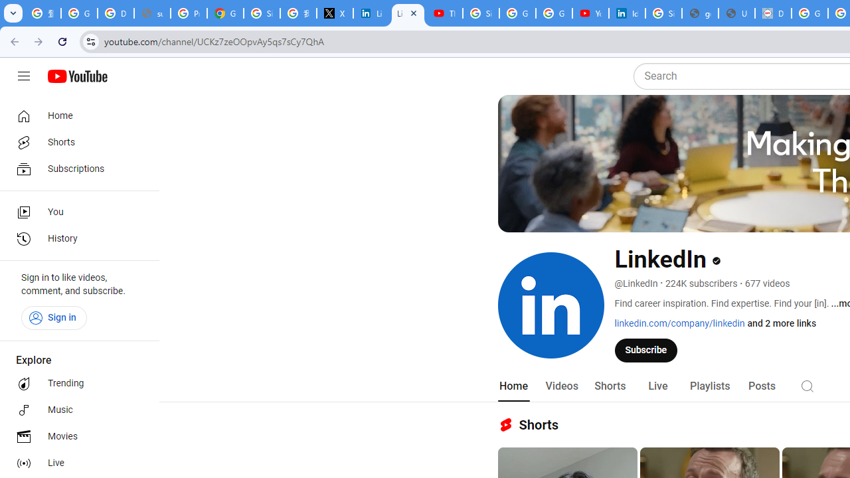 The image size is (850, 478). I want to click on 'linkedin.com/company/linkedin', so click(680, 323).